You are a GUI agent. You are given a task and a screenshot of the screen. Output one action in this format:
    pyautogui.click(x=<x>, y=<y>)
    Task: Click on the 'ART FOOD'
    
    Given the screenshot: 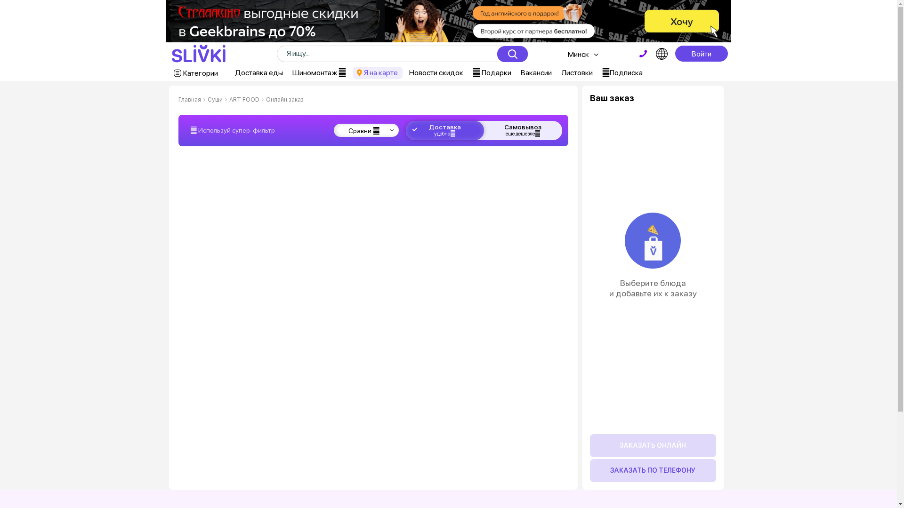 What is the action you would take?
    pyautogui.click(x=244, y=100)
    